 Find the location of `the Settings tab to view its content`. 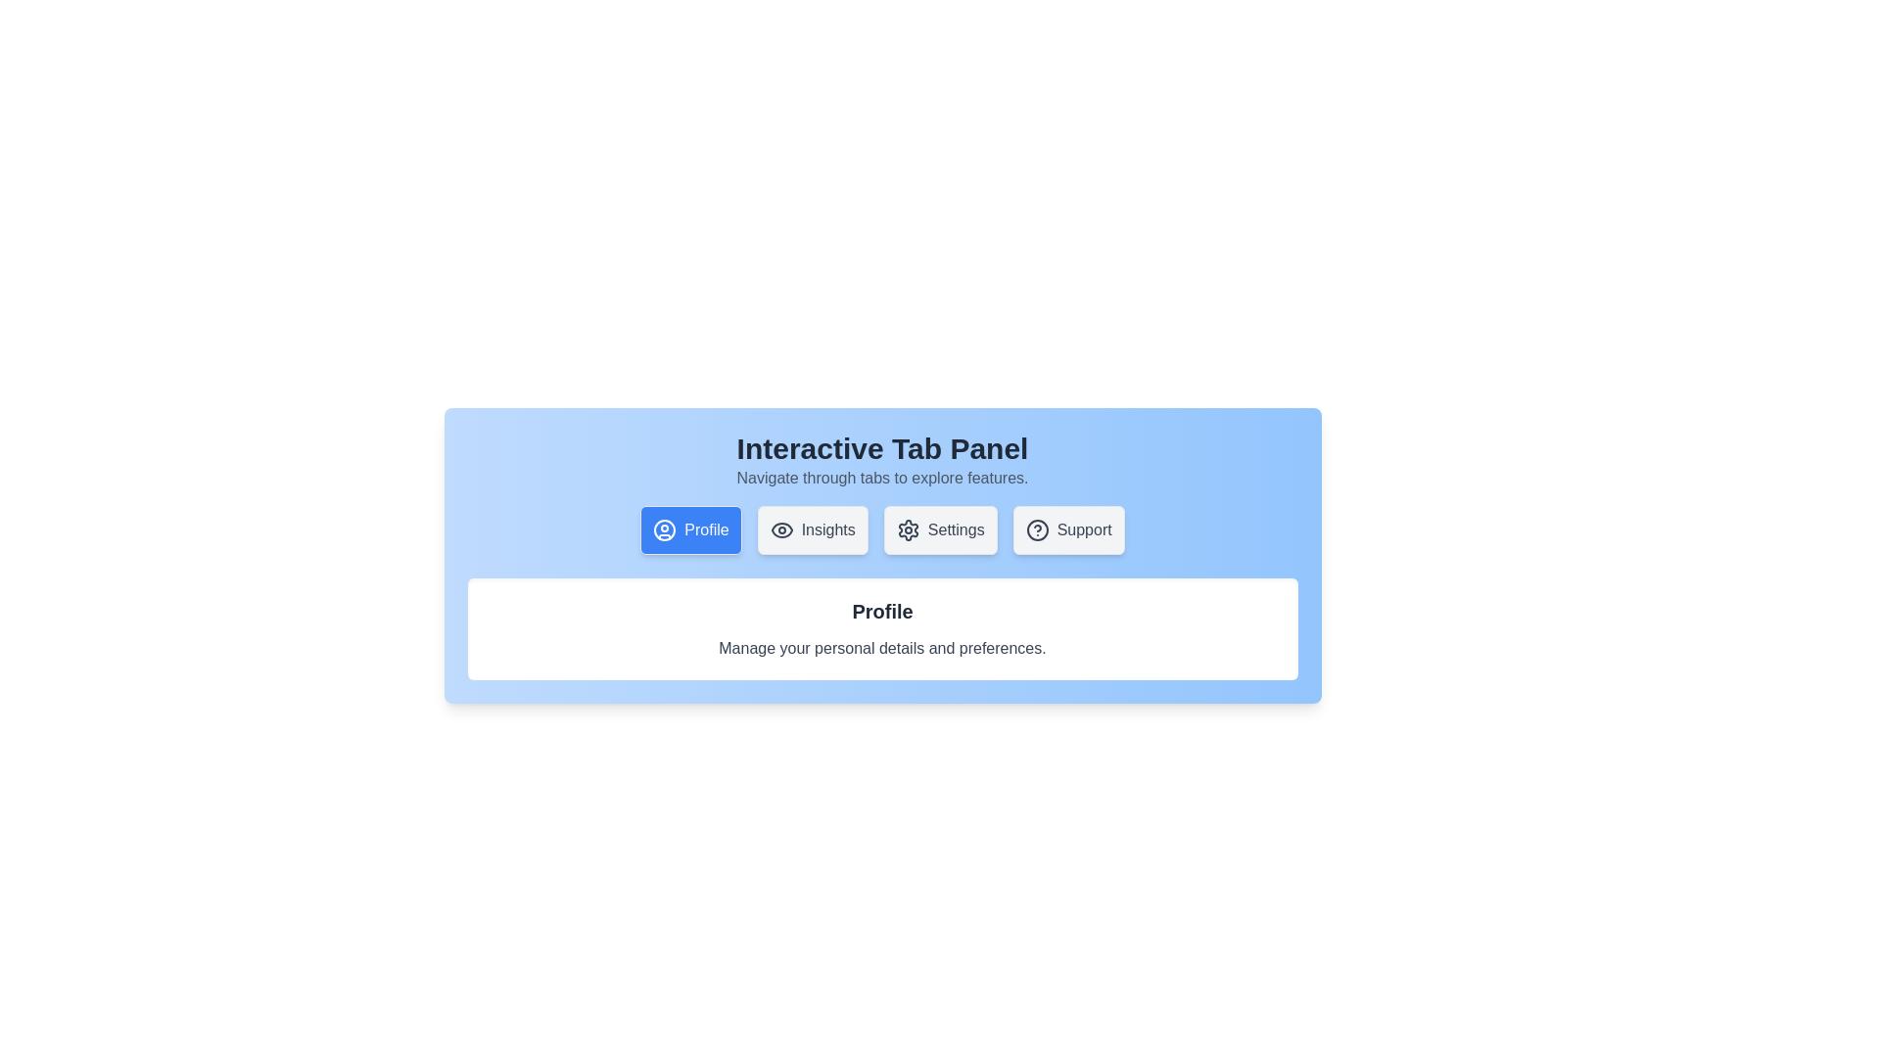

the Settings tab to view its content is located at coordinates (940, 530).